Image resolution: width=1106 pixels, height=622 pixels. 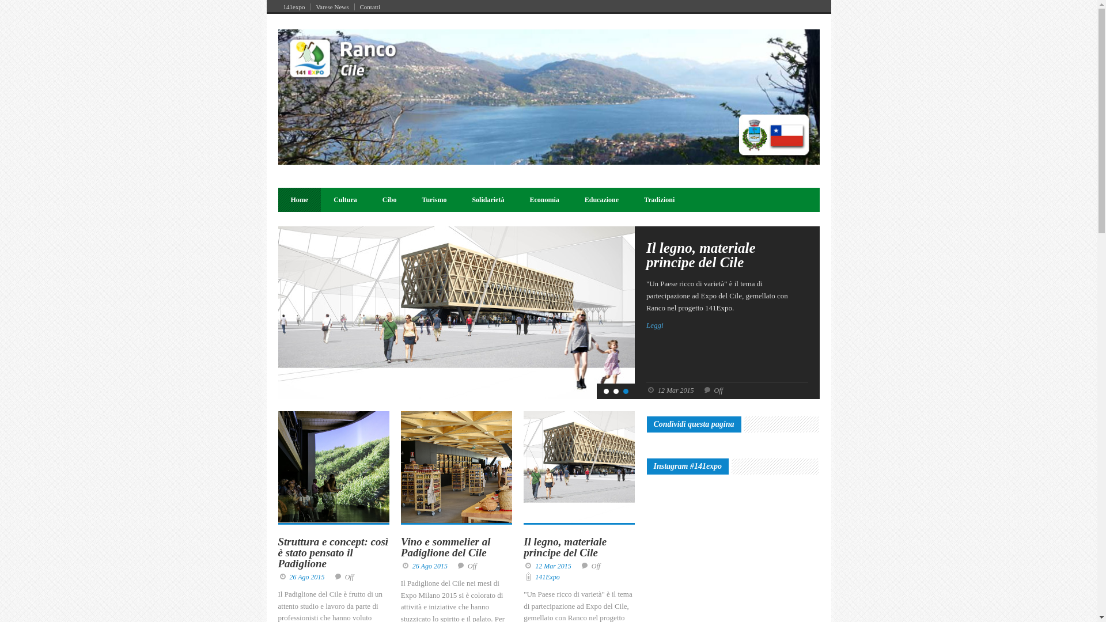 What do you see at coordinates (676, 390) in the screenshot?
I see `'12 Mar 2015'` at bounding box center [676, 390].